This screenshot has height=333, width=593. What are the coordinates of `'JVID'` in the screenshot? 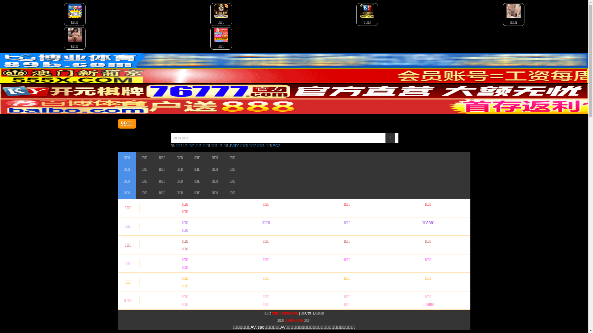 It's located at (233, 146).